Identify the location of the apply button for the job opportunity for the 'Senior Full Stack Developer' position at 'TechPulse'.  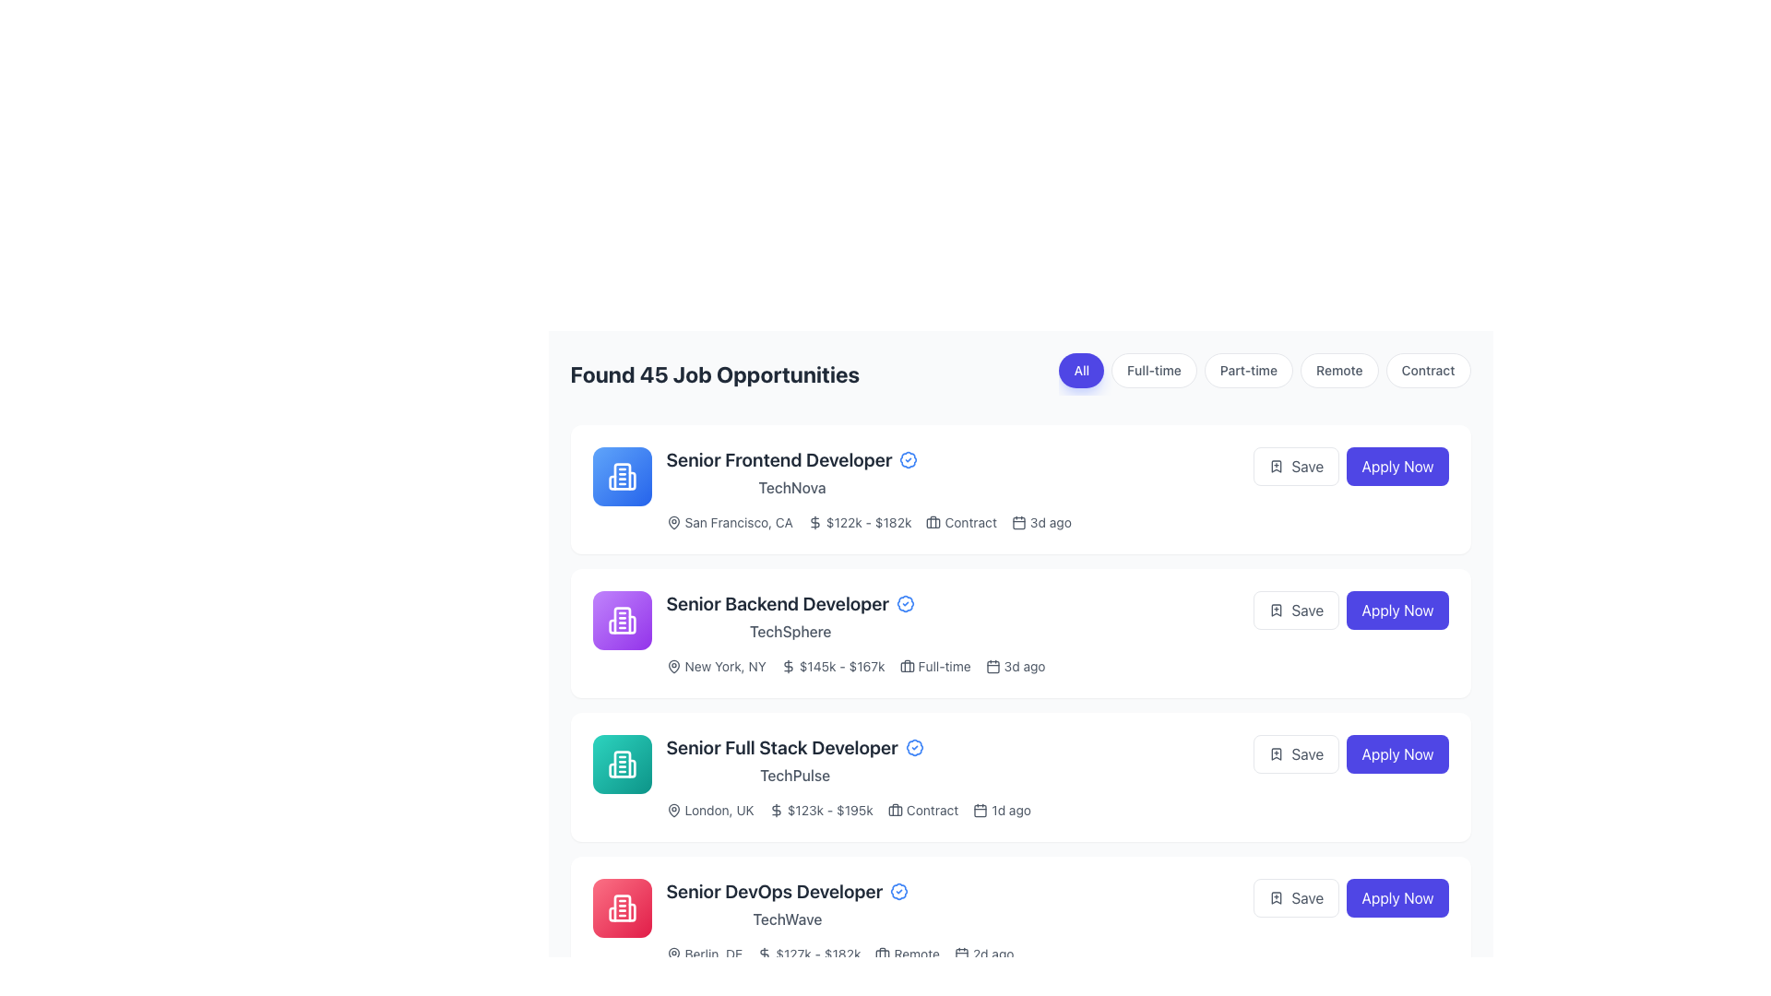
(1350, 753).